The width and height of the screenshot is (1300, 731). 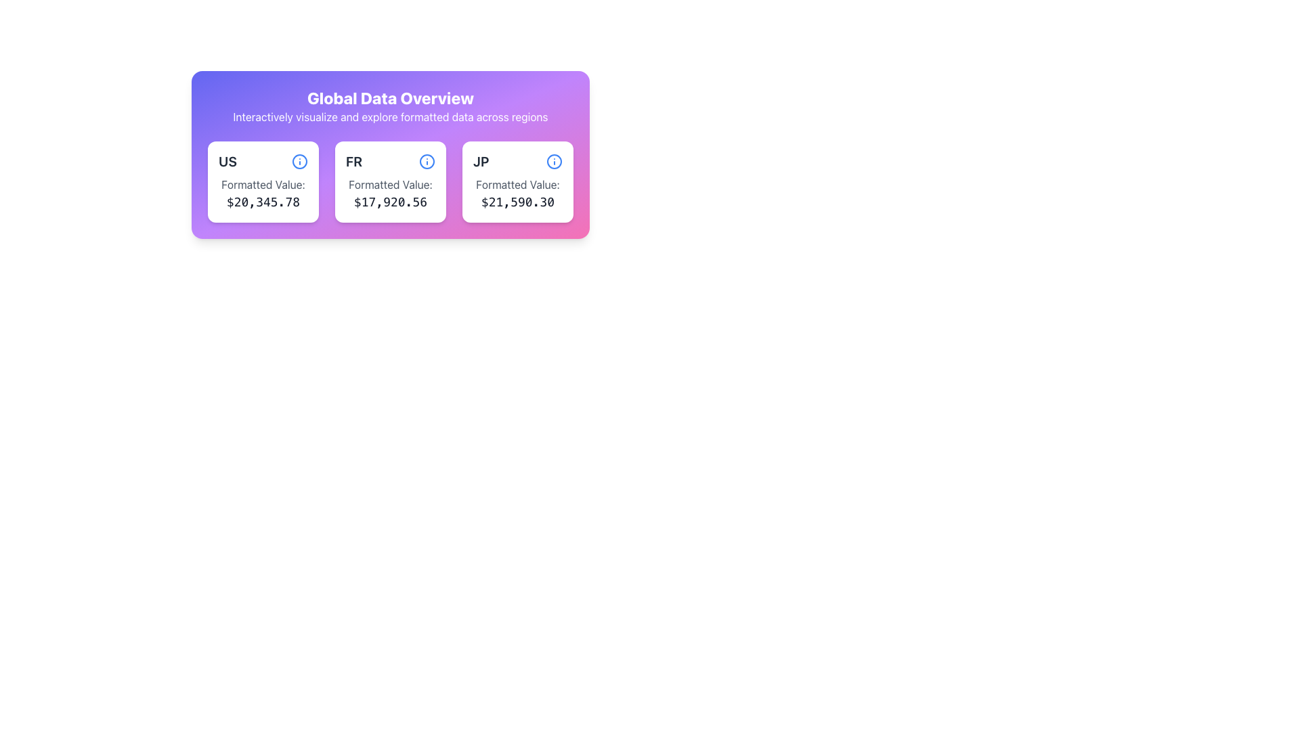 What do you see at coordinates (389, 181) in the screenshot?
I see `the information displayed on the central card of the grid layout containing informational cards in the 'Global Data Overview' section` at bounding box center [389, 181].